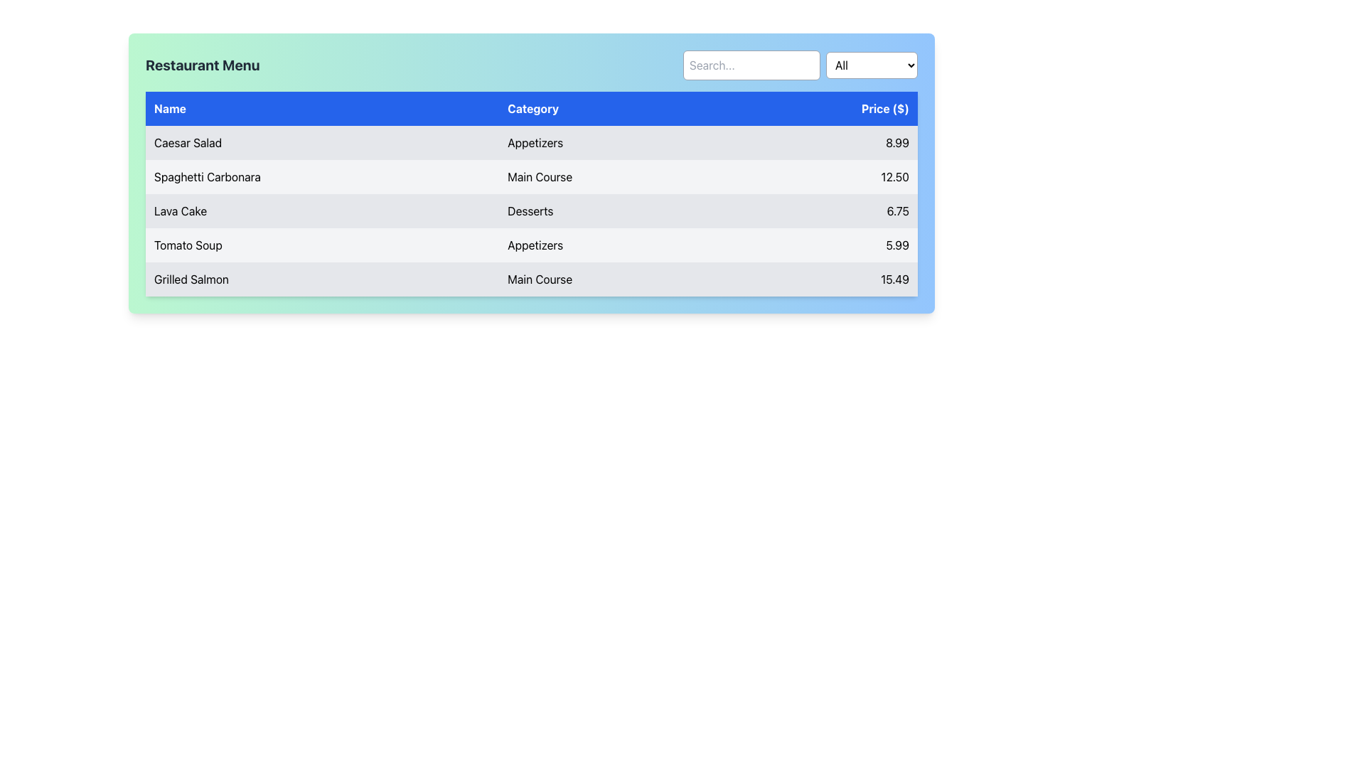 This screenshot has height=768, width=1365. Describe the element at coordinates (871, 65) in the screenshot. I see `the dropdown menu` at that location.